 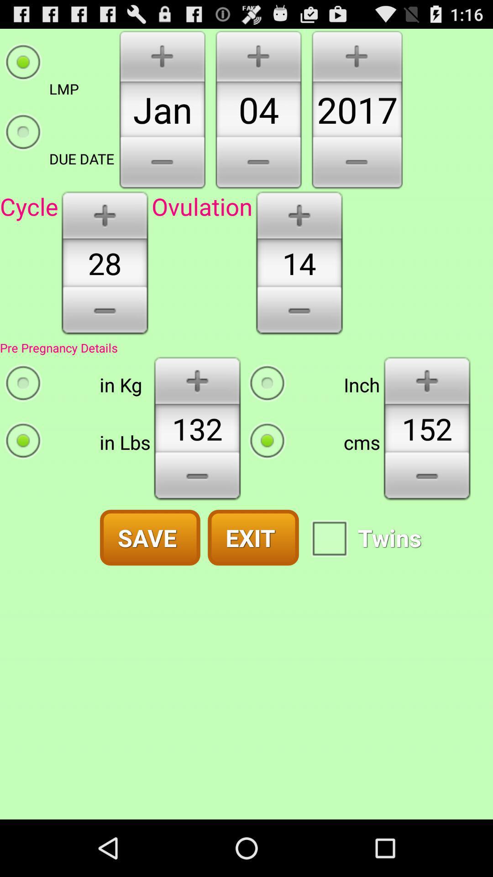 I want to click on decrement cycle, so click(x=104, y=314).